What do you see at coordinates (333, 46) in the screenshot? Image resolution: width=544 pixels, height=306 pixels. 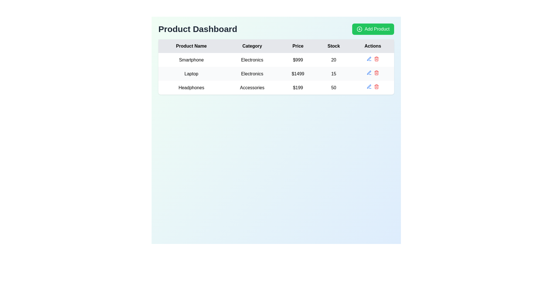 I see `the 'Stock' column header in the table, which is the fourth header, displayed in bold black font on a light gray background` at bounding box center [333, 46].